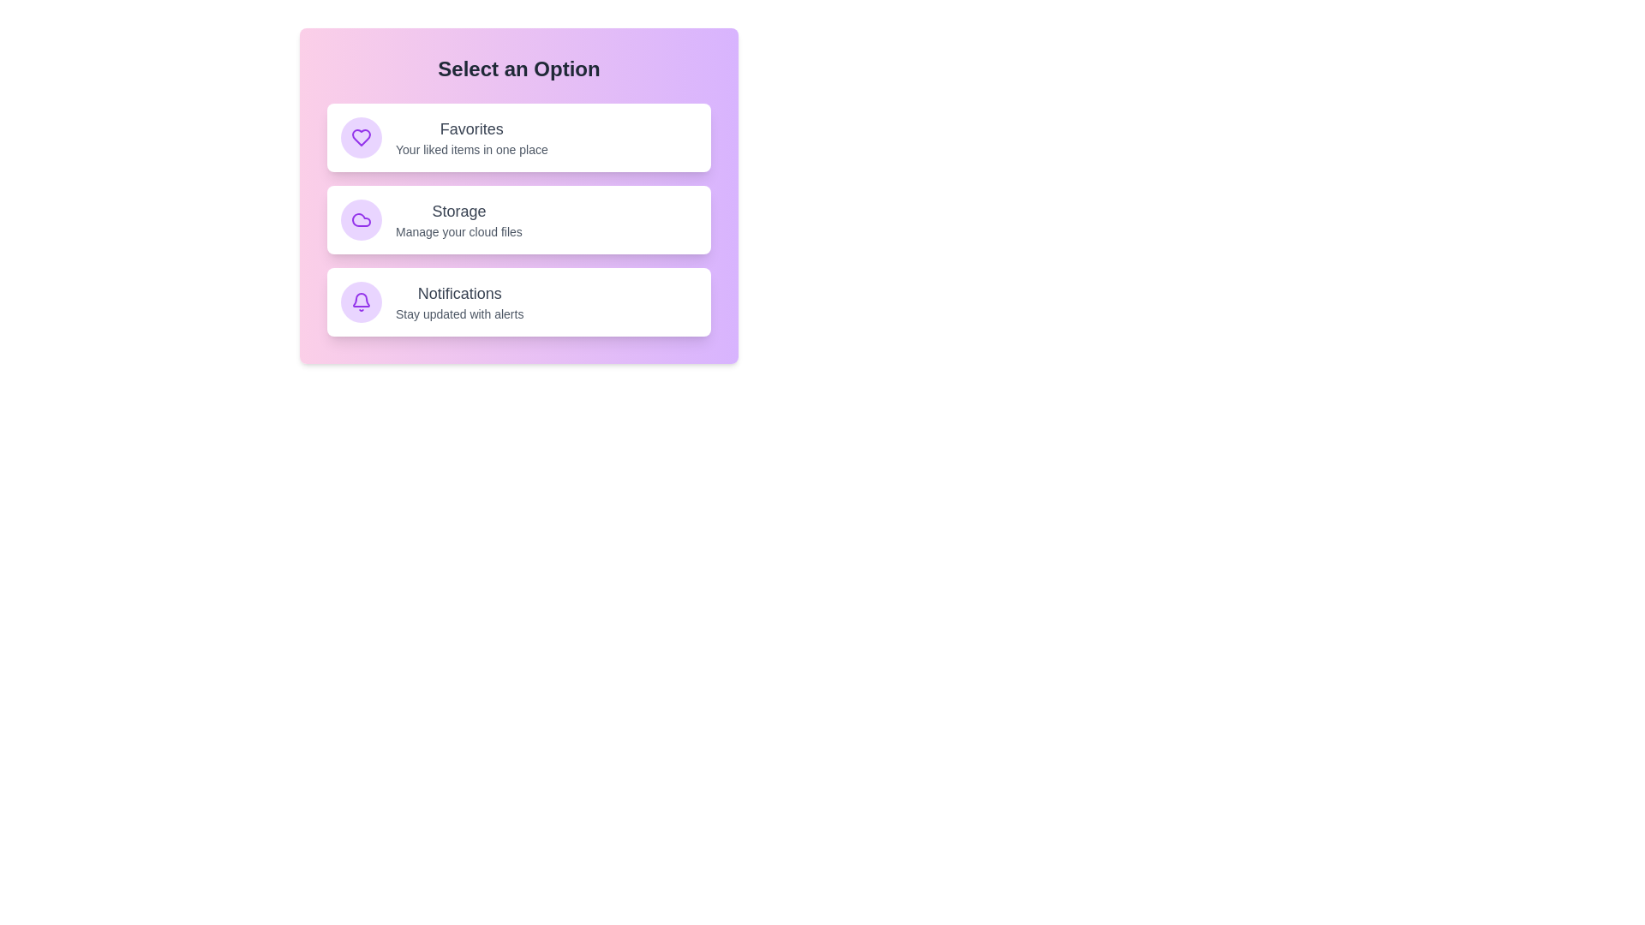 Image resolution: width=1645 pixels, height=925 pixels. What do you see at coordinates (361, 301) in the screenshot?
I see `the icon corresponding to Notifications` at bounding box center [361, 301].